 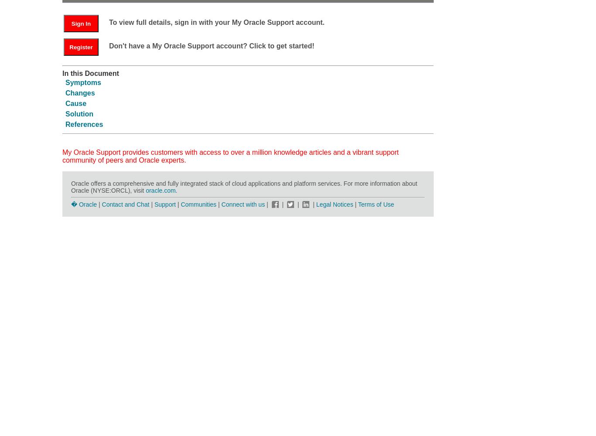 I want to click on 'Register', so click(x=80, y=46).